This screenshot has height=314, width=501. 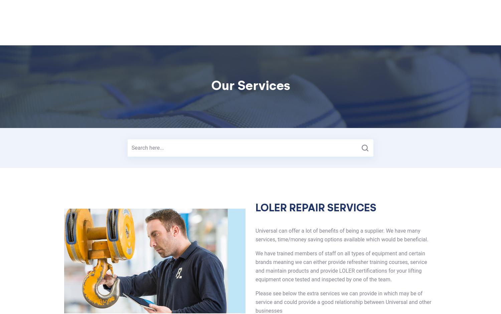 What do you see at coordinates (299, 31) in the screenshot?
I see `'Catalogue & Prices'` at bounding box center [299, 31].